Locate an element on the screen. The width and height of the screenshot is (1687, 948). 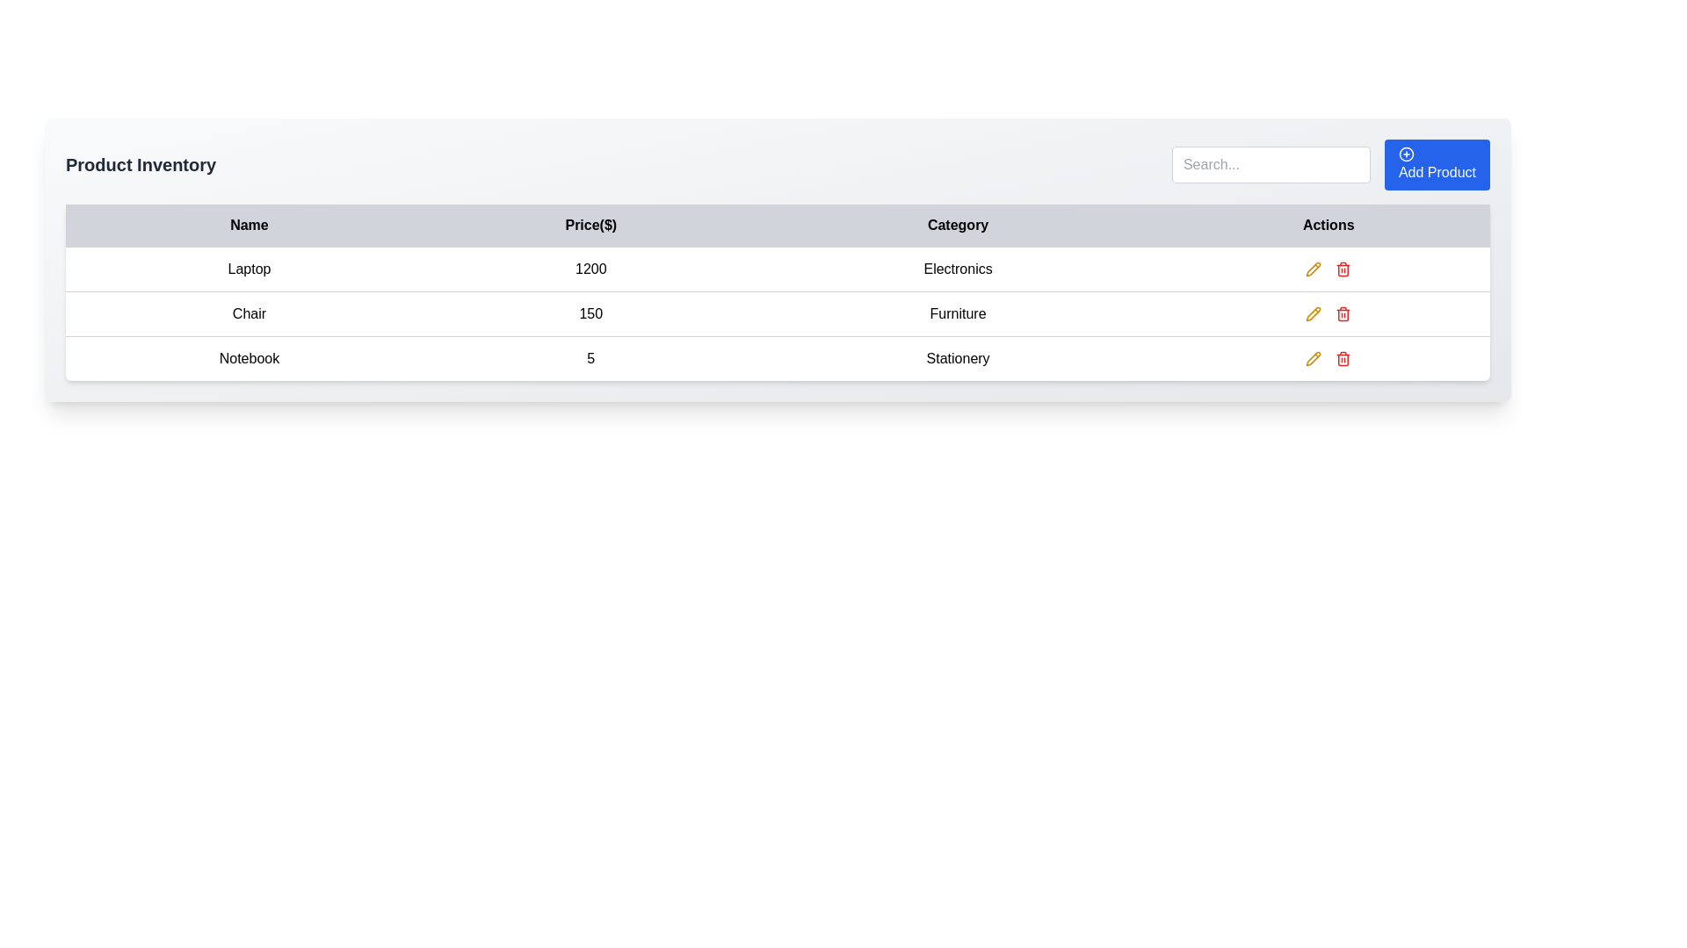
the text label displaying 'Stationery' located in the third row of the table under the 'Category' column is located at coordinates (957, 357).